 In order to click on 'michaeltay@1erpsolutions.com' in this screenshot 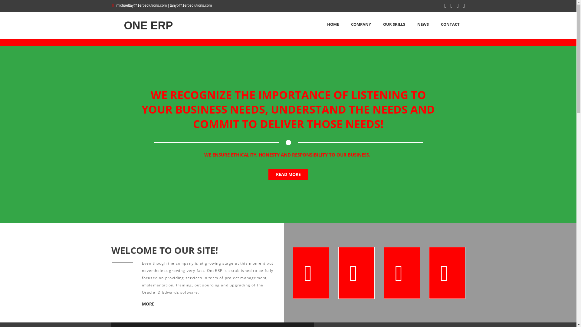, I will do `click(141, 5)`.